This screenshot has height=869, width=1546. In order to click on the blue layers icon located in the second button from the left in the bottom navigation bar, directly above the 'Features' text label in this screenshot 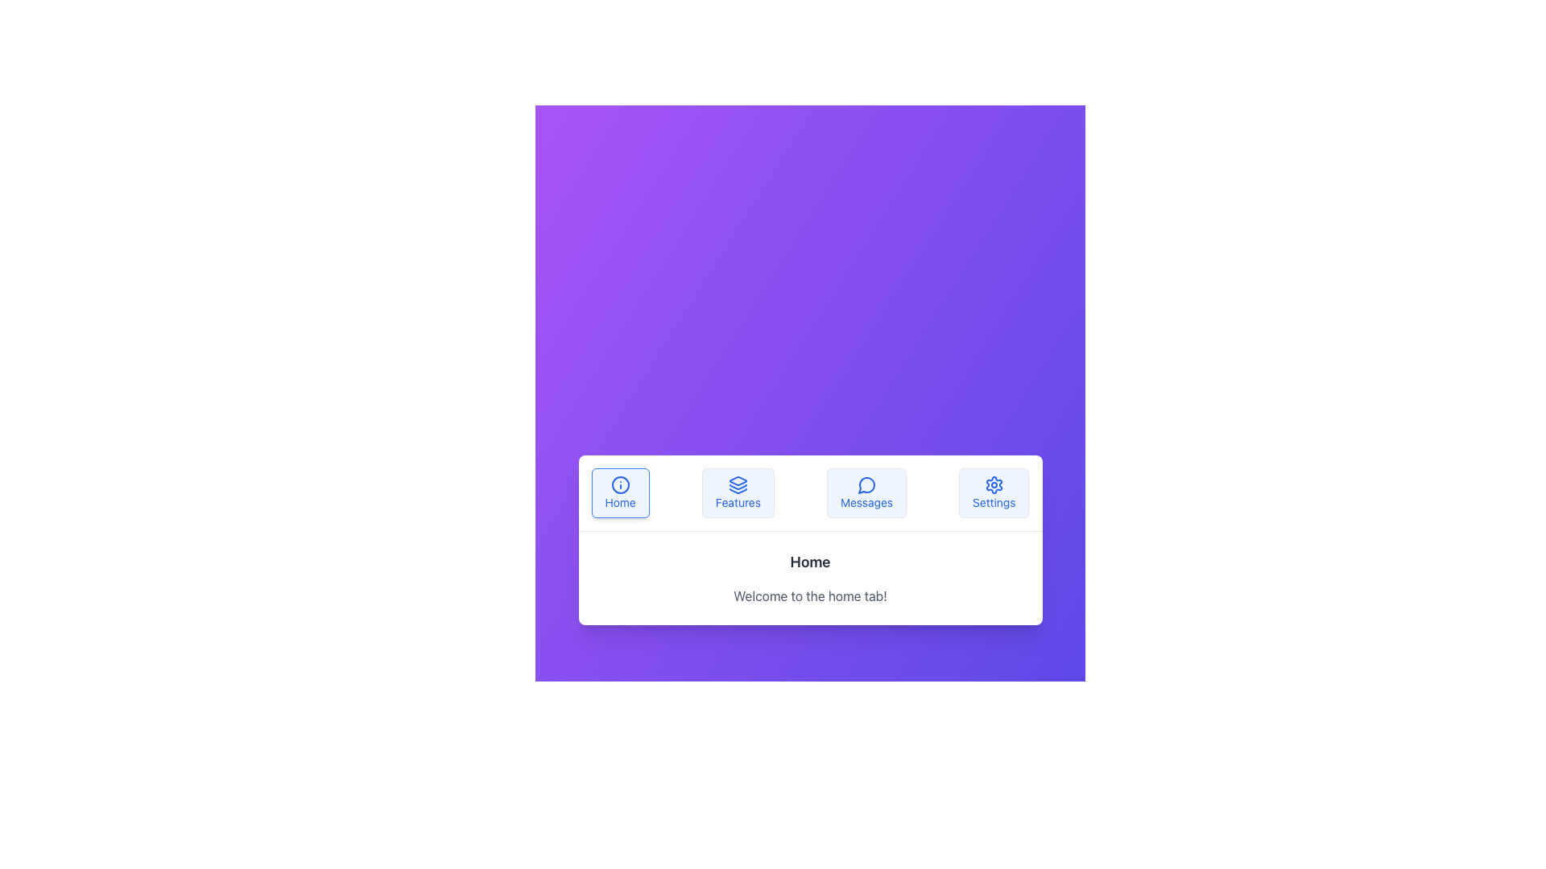, I will do `click(737, 484)`.